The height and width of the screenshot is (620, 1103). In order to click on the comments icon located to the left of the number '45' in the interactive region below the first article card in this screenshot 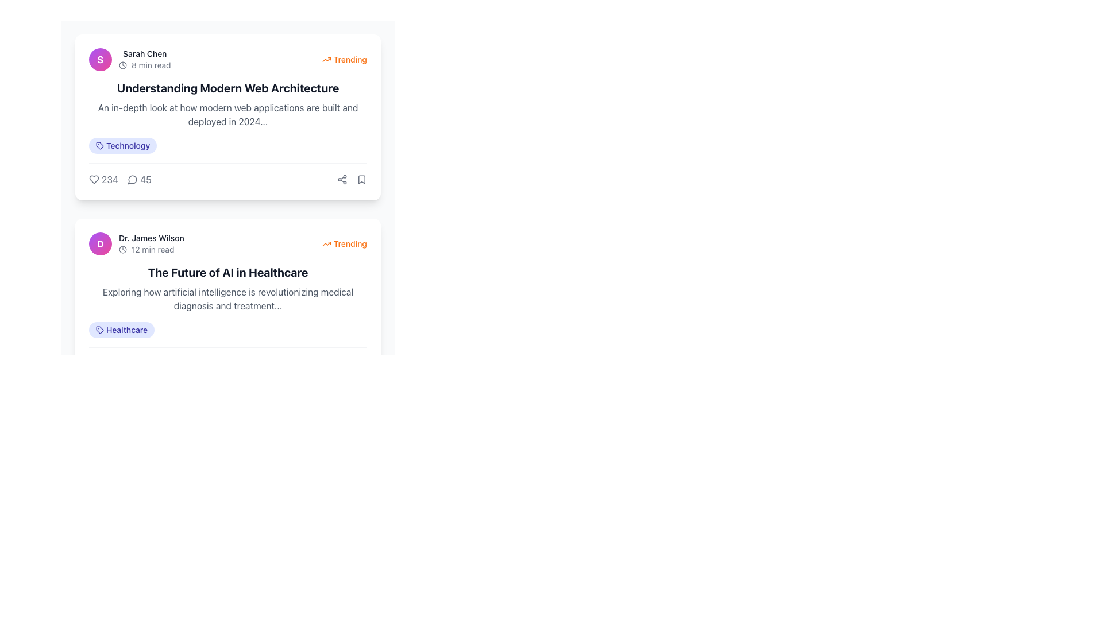, I will do `click(132, 179)`.